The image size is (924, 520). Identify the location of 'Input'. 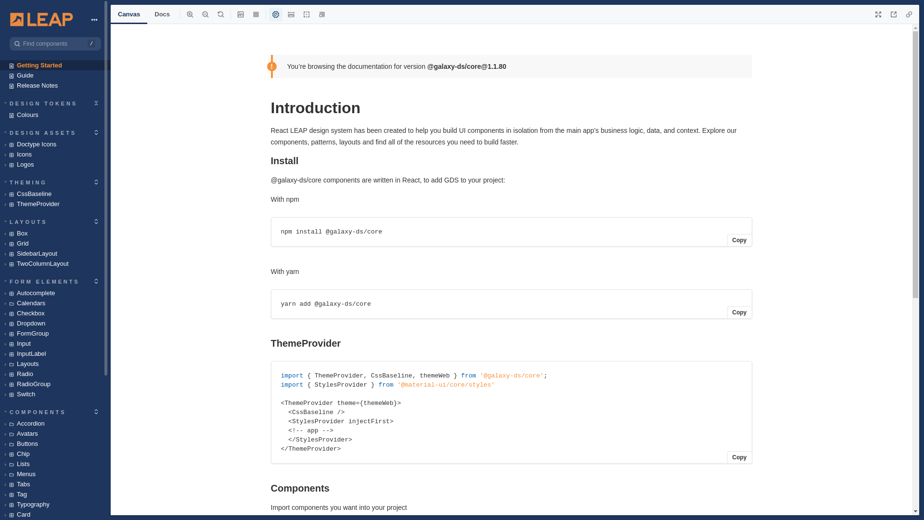
(55, 343).